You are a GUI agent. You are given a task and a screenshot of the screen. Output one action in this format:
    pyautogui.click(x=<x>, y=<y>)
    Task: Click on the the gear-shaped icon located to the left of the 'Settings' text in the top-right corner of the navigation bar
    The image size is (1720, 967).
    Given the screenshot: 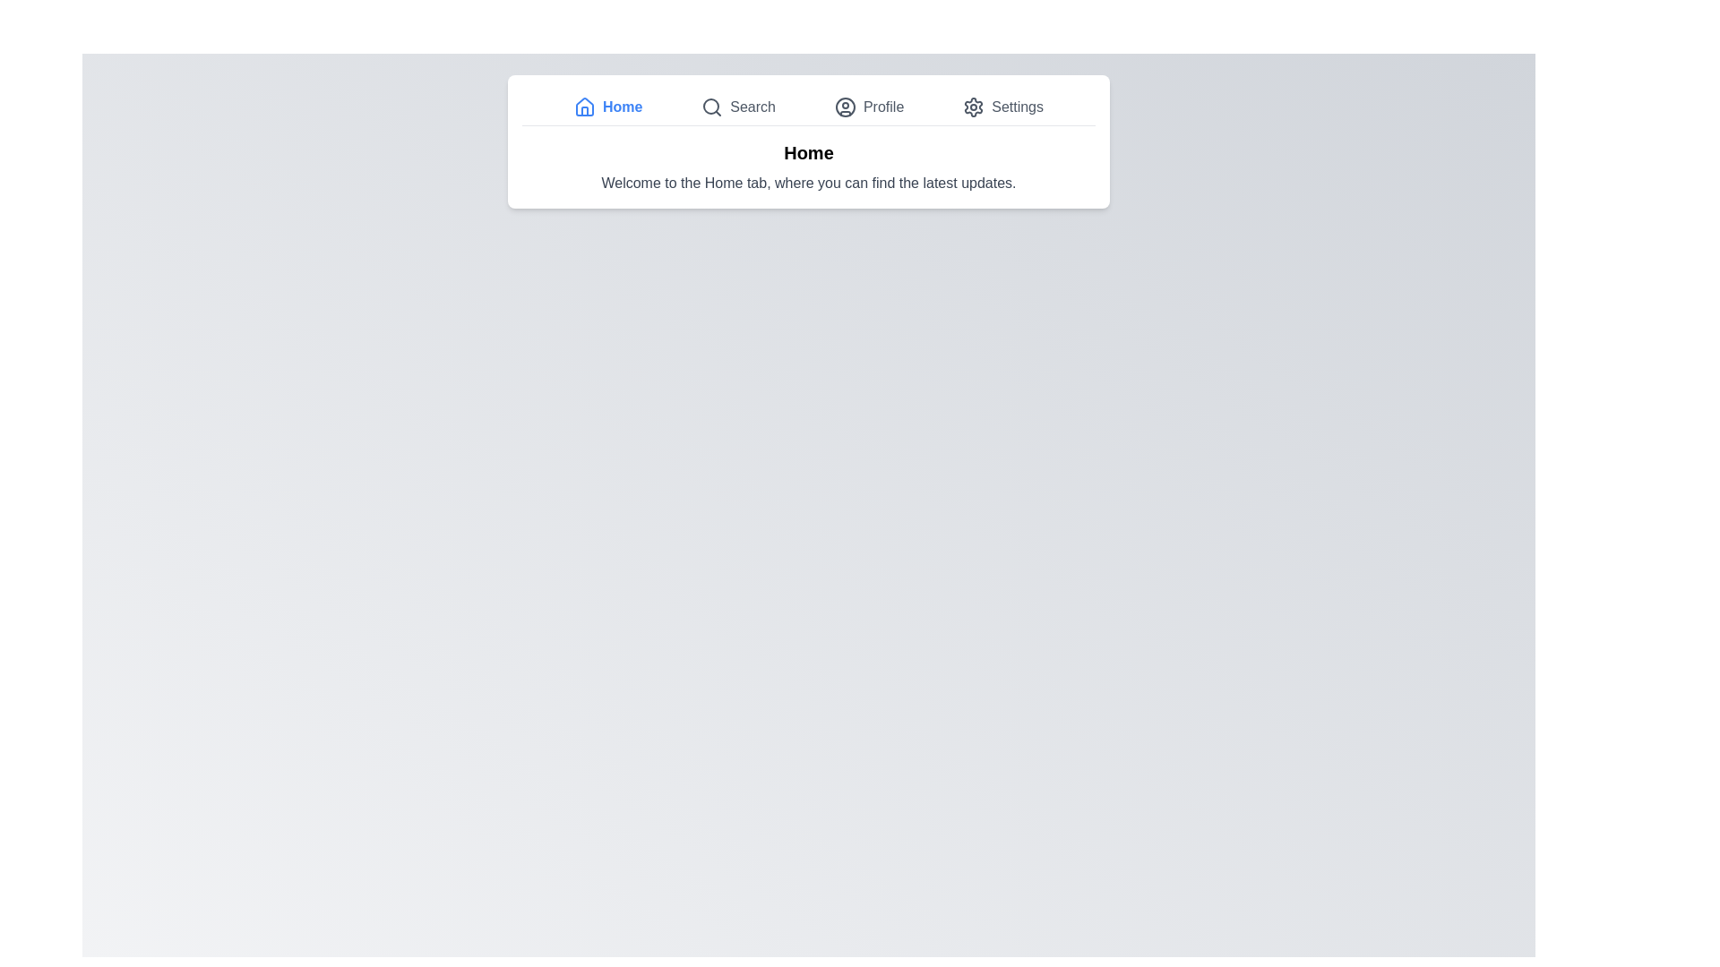 What is the action you would take?
    pyautogui.click(x=973, y=107)
    